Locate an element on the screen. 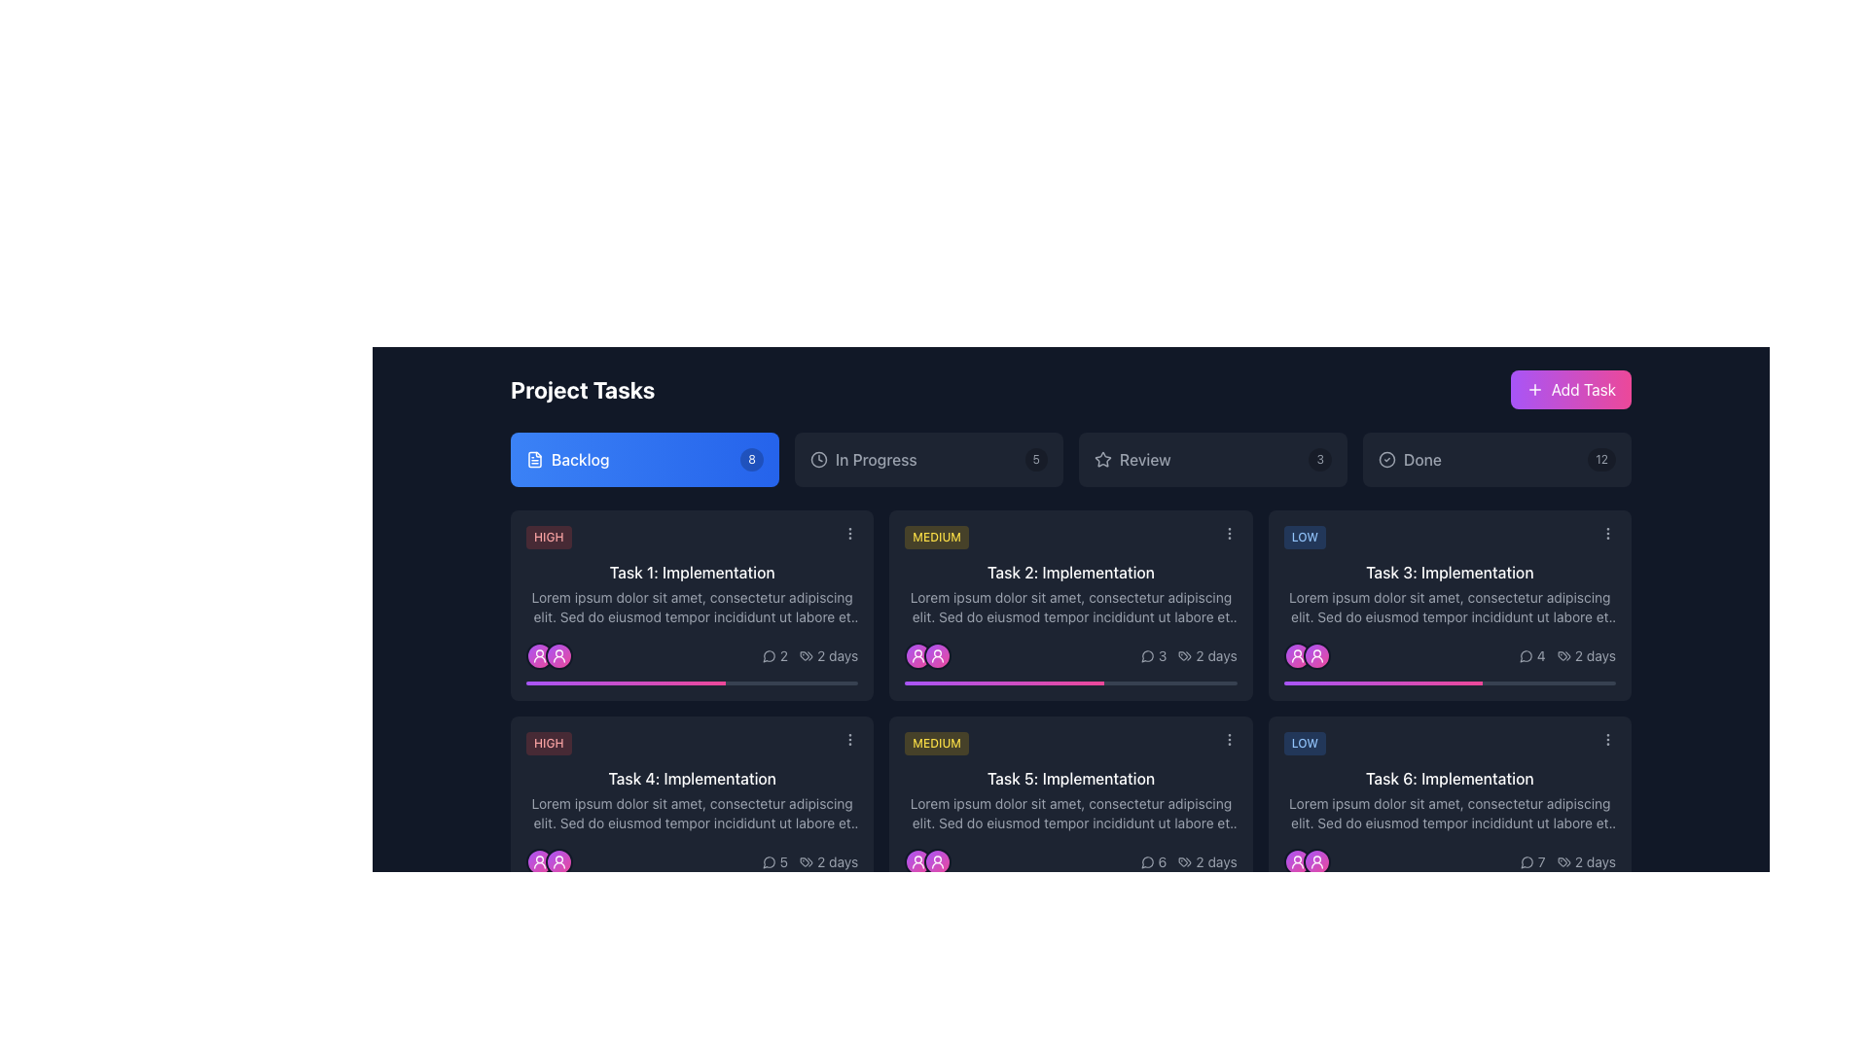 This screenshot has width=1868, height=1050. the text block located below the heading 'Task 1: Implementation' in the first card of the leftmost column in the 'Backlog' section is located at coordinates (692, 606).